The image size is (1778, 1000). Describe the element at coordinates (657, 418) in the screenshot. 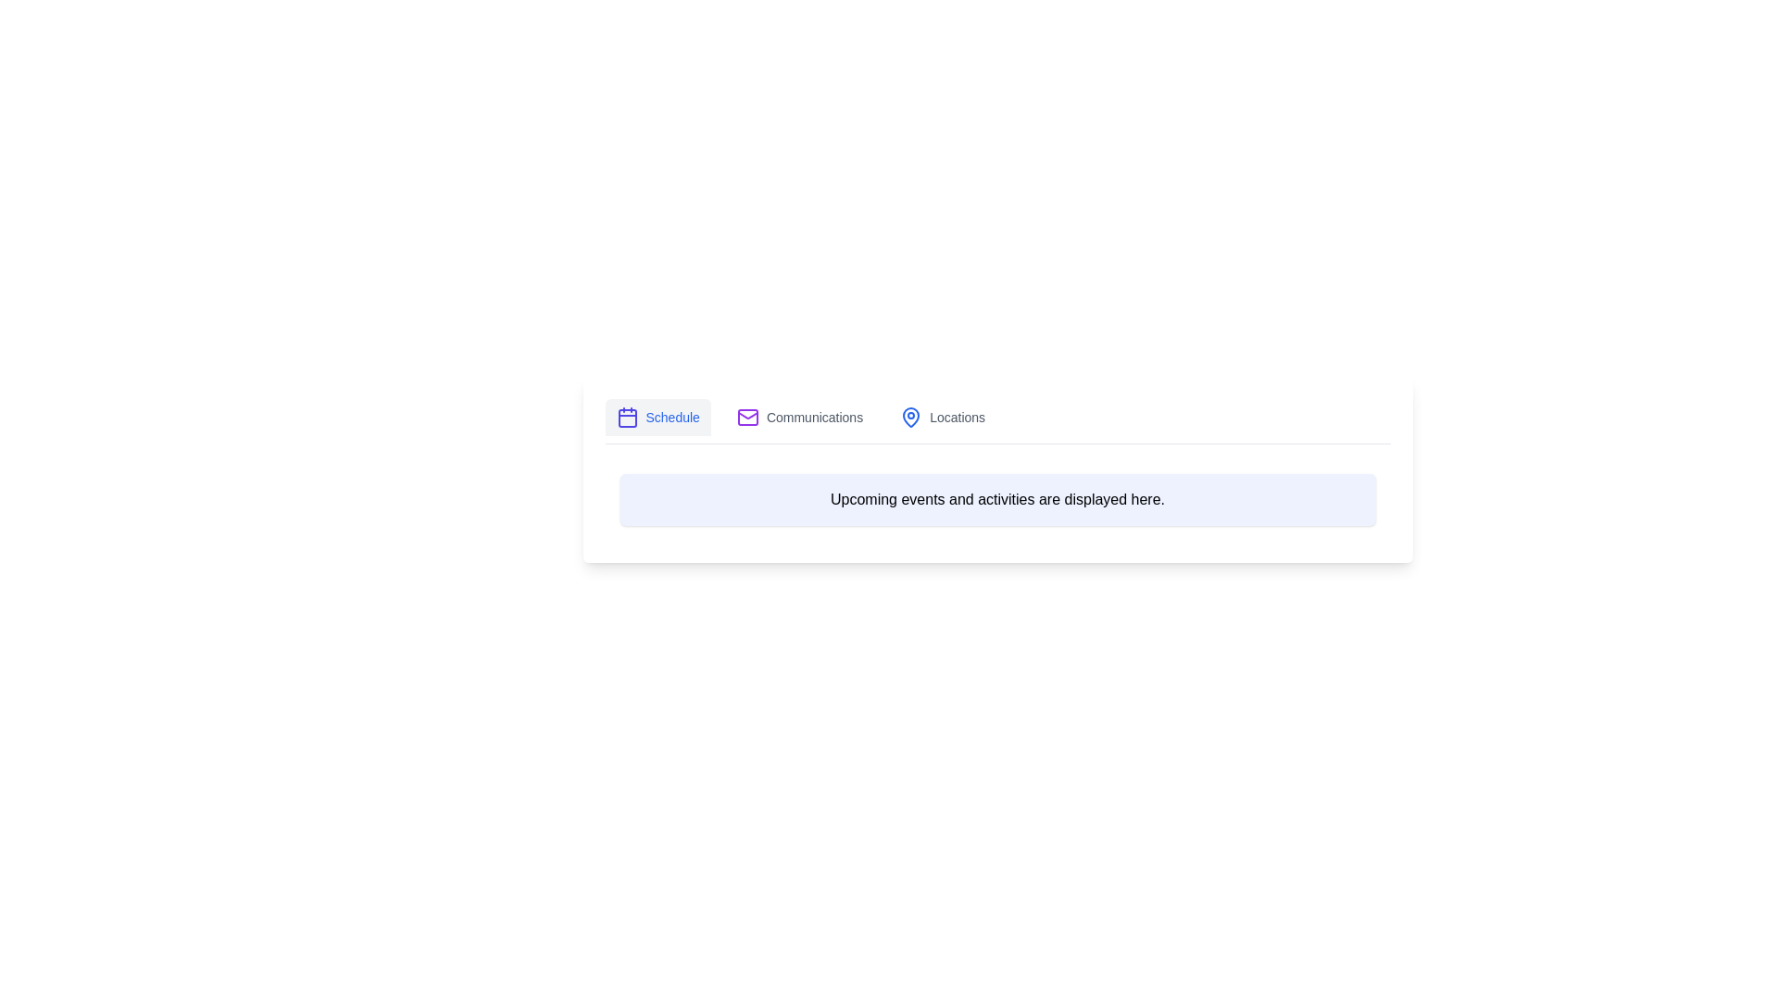

I see `the Schedule tab to view its content` at that location.